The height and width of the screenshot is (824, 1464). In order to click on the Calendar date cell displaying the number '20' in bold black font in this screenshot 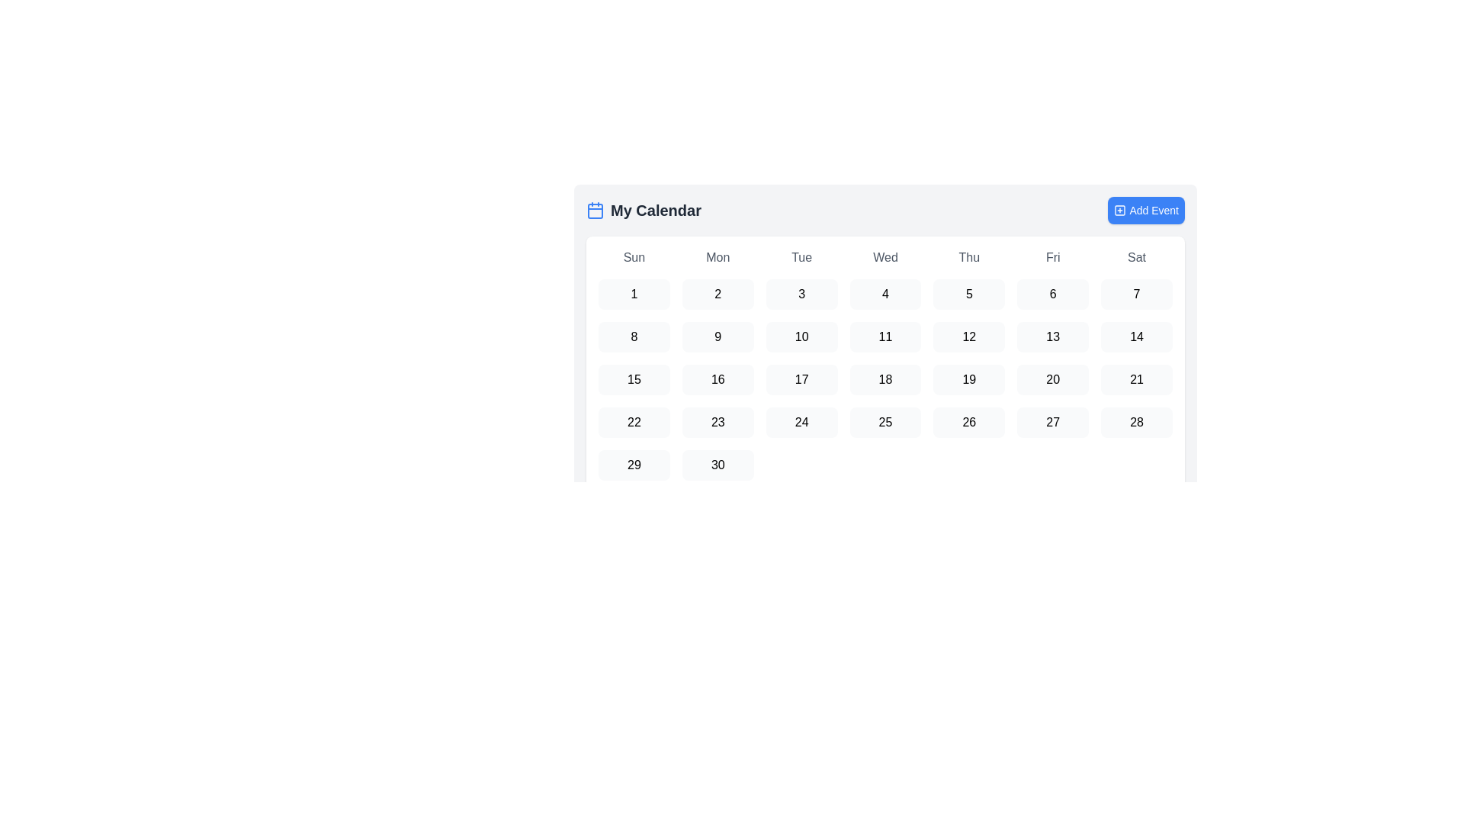, I will do `click(1052, 378)`.